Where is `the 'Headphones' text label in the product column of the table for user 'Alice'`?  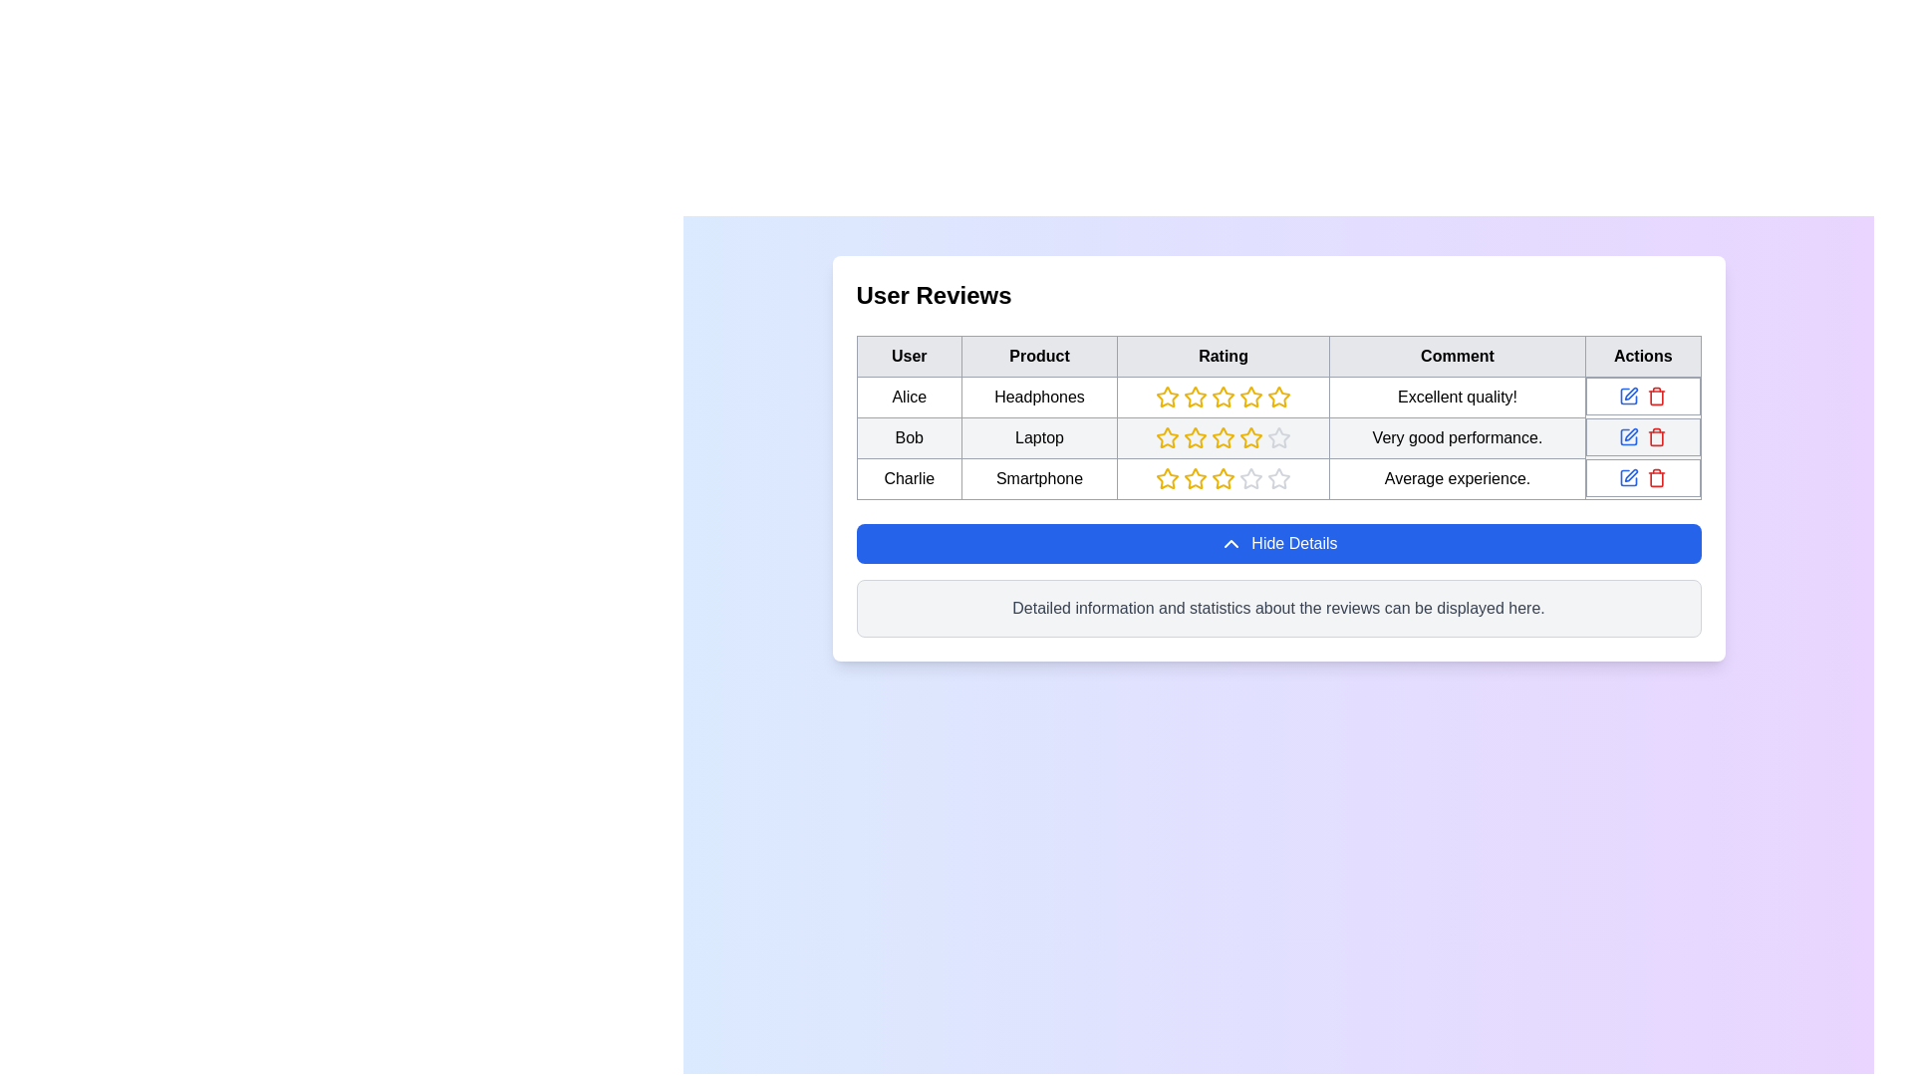
the 'Headphones' text label in the product column of the table for user 'Alice' is located at coordinates (1038, 397).